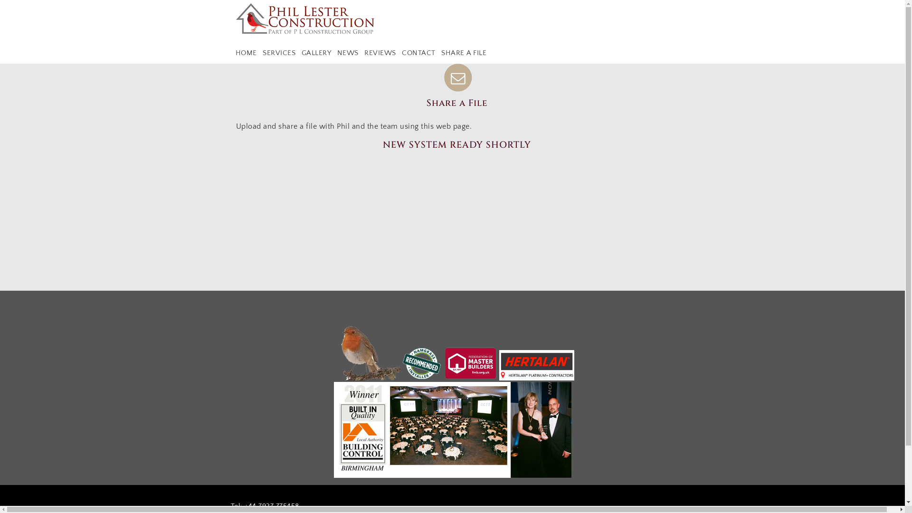  Describe the element at coordinates (246, 53) in the screenshot. I see `'HOME'` at that location.